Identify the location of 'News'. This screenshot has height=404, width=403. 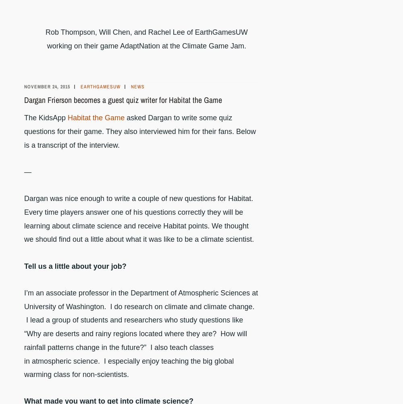
(137, 86).